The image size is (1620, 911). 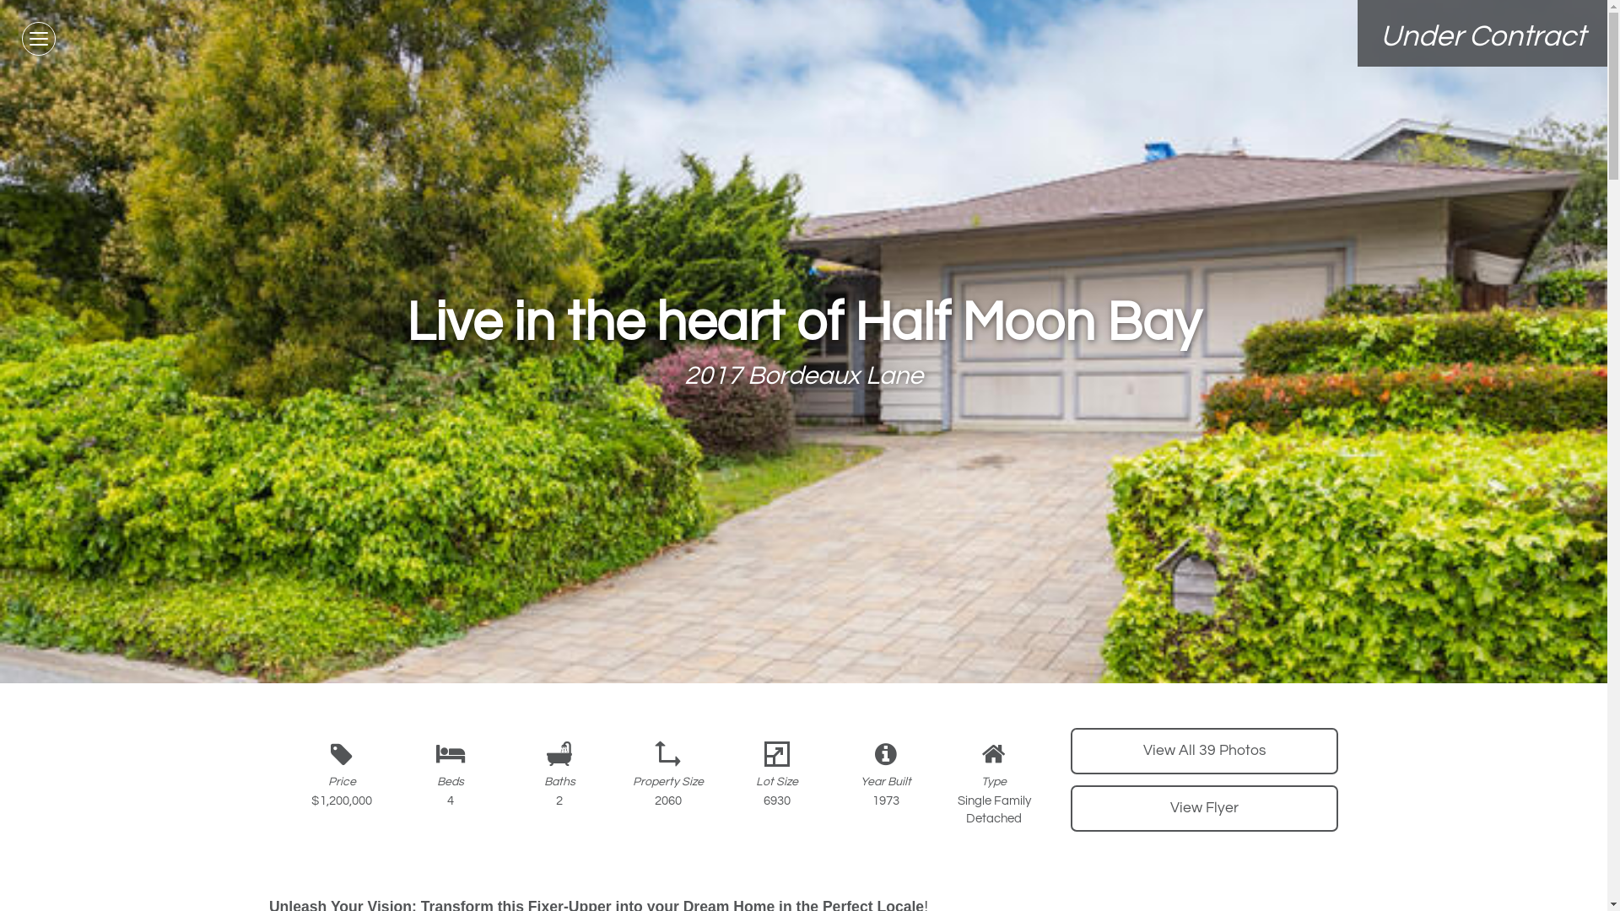 I want to click on 'View Flyer', so click(x=1203, y=807).